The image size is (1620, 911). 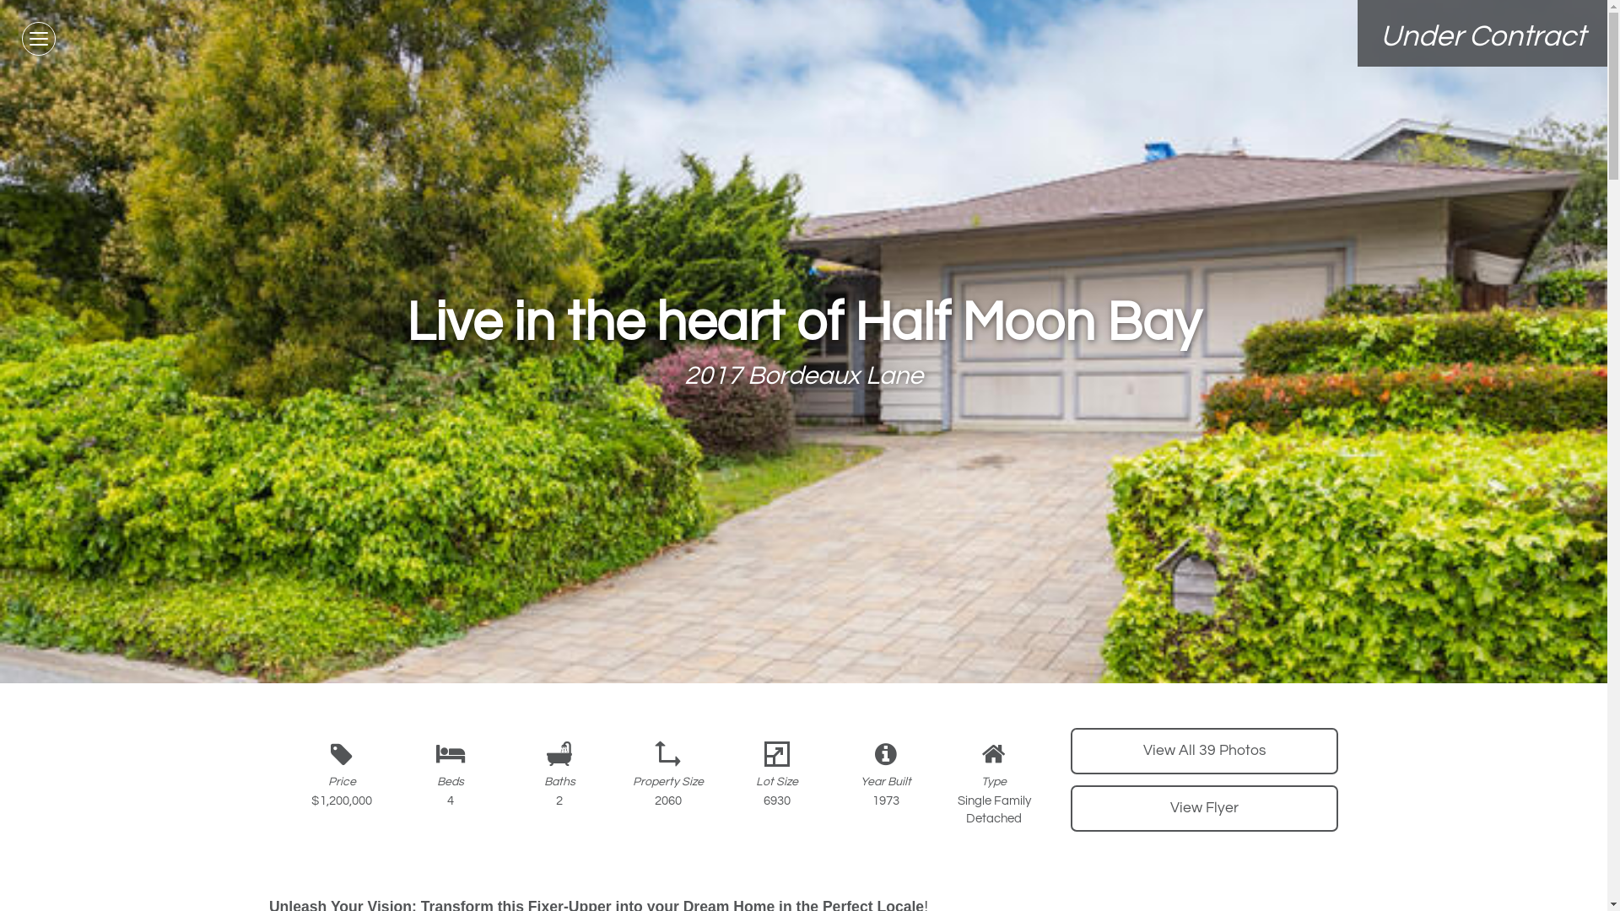 I want to click on 'View Flyer', so click(x=1203, y=807).